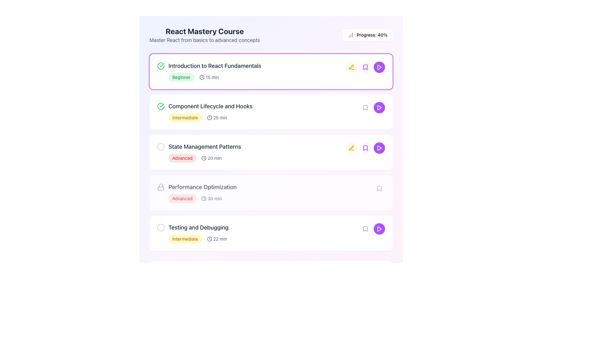 The height and width of the screenshot is (341, 607). Describe the element at coordinates (251, 152) in the screenshot. I see `the third course module representation in the vertically stacked list to interact with the course details` at that location.